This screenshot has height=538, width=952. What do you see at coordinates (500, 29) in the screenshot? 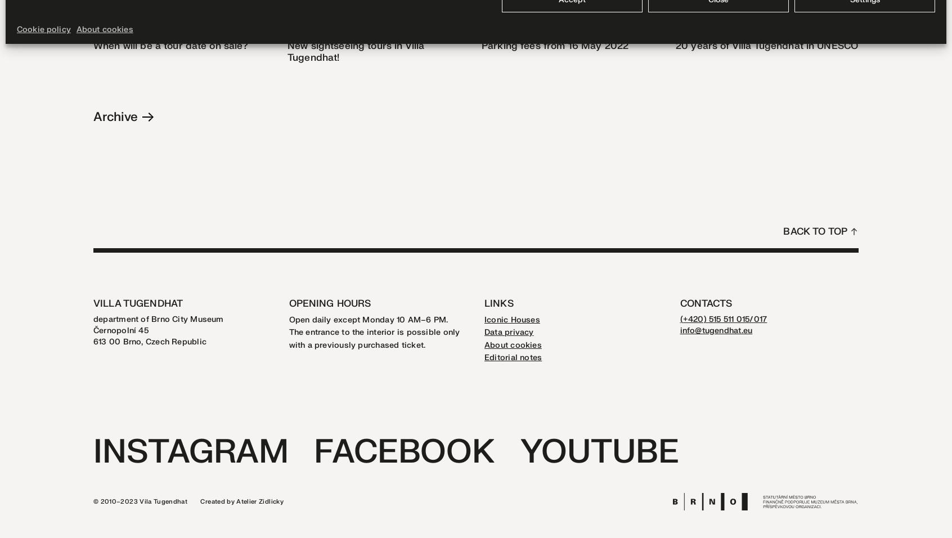
I see `'9. 5. 2022'` at bounding box center [500, 29].